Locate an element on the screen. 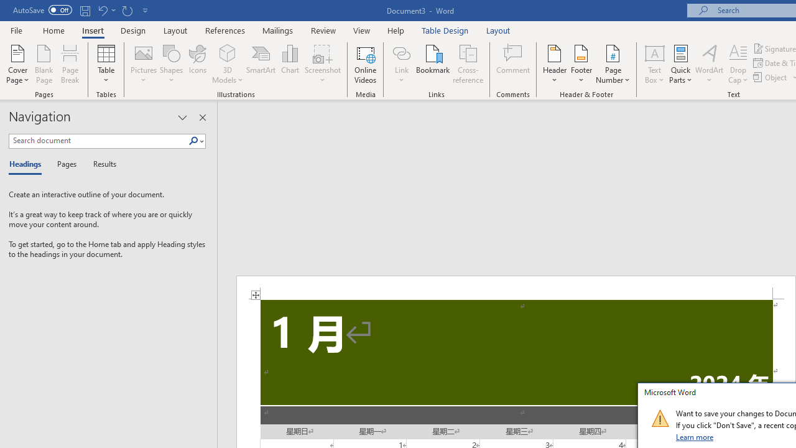 Image resolution: width=796 pixels, height=448 pixels. 'Headings' is located at coordinates (28, 164).